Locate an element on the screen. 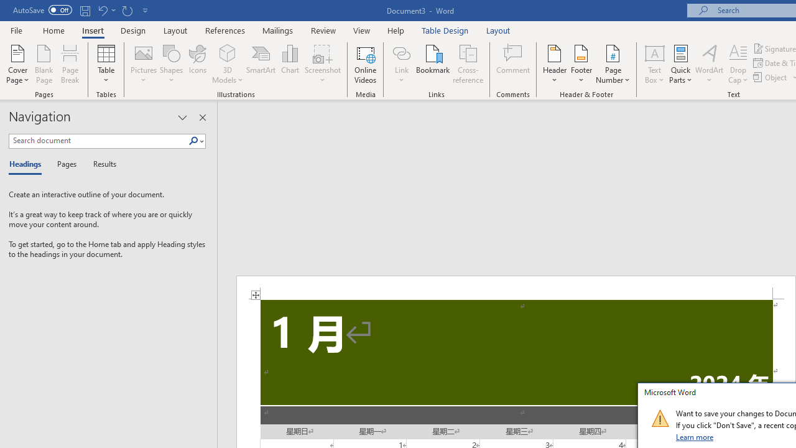 Image resolution: width=796 pixels, height=448 pixels. 'Headings' is located at coordinates (28, 164).